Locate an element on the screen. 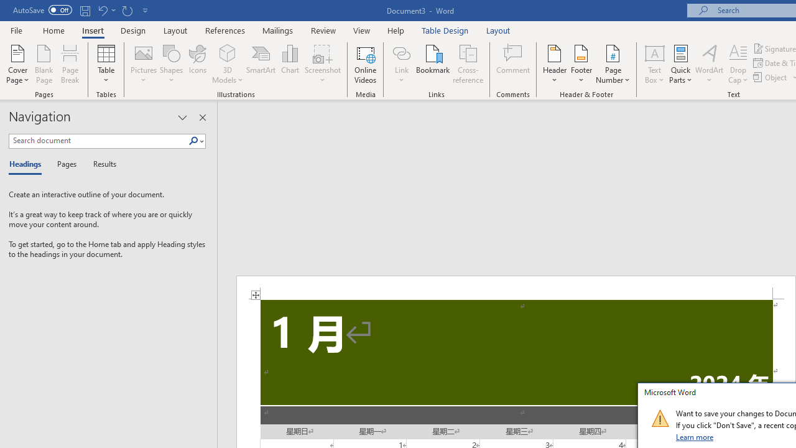 Image resolution: width=796 pixels, height=448 pixels. 'Headings' is located at coordinates (28, 164).